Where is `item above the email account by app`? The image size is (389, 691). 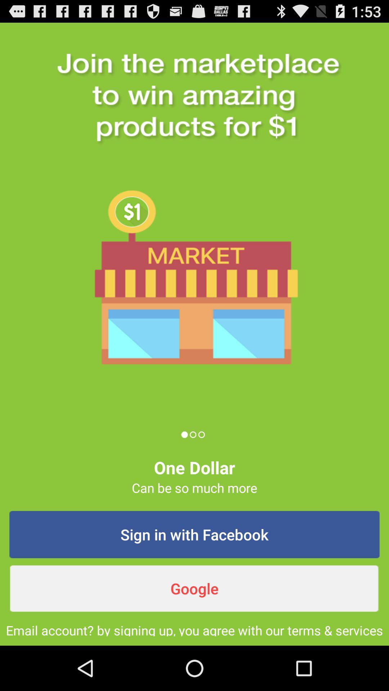 item above the email account by app is located at coordinates (194, 588).